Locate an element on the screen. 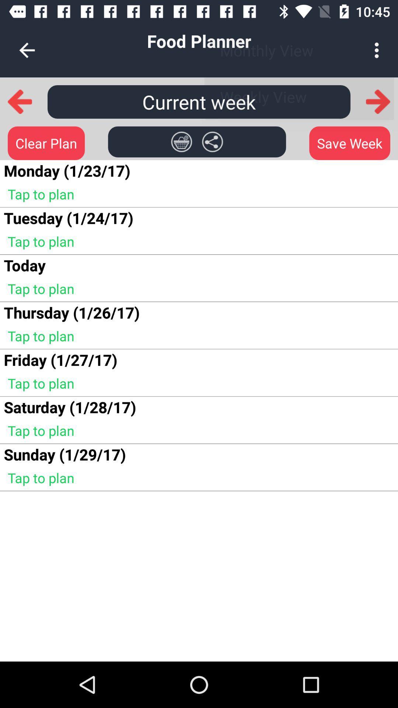  icon next to the food planner icon is located at coordinates (27, 50).